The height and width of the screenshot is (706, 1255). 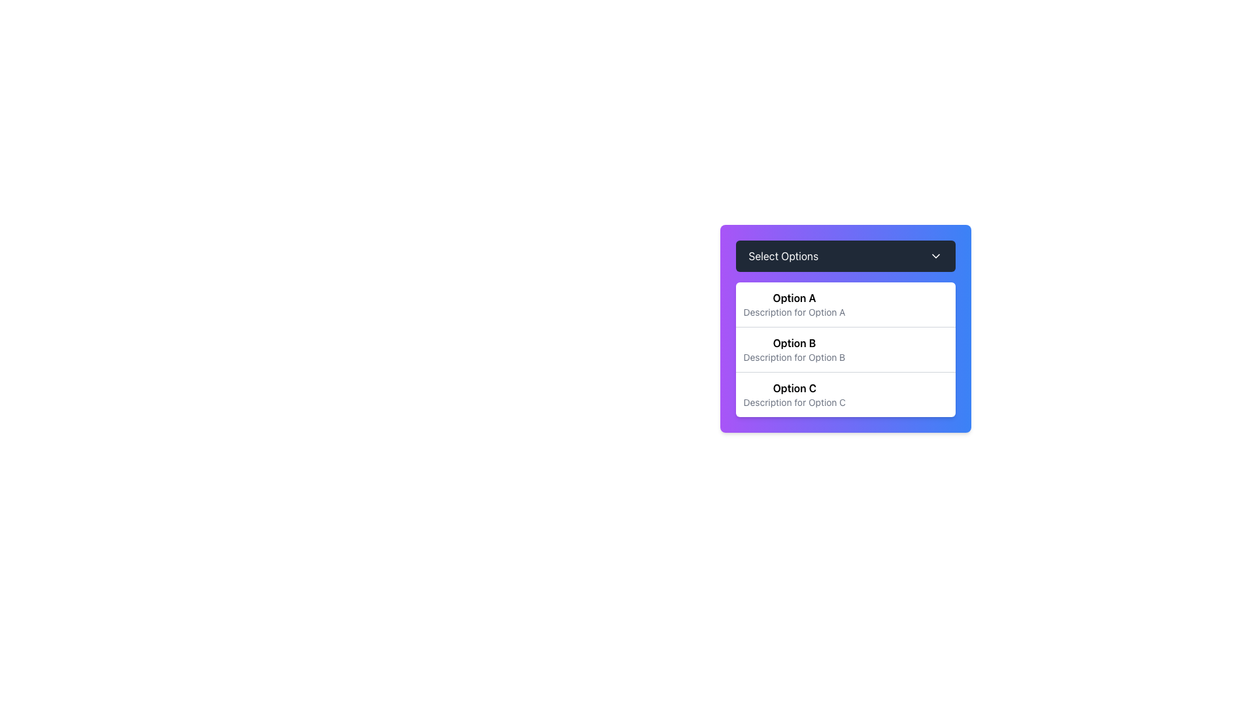 What do you see at coordinates (783, 256) in the screenshot?
I see `the text label reading 'Select Options' which is styled with a white font color on a dark background, located on the left side of the dropdown interface` at bounding box center [783, 256].